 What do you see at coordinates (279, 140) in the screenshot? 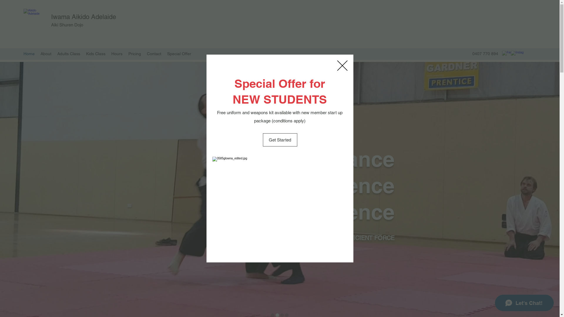
I see `'Get Started'` at bounding box center [279, 140].